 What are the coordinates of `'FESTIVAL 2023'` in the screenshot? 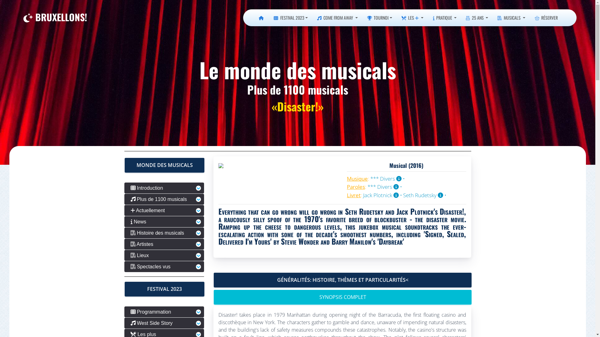 It's located at (290, 17).